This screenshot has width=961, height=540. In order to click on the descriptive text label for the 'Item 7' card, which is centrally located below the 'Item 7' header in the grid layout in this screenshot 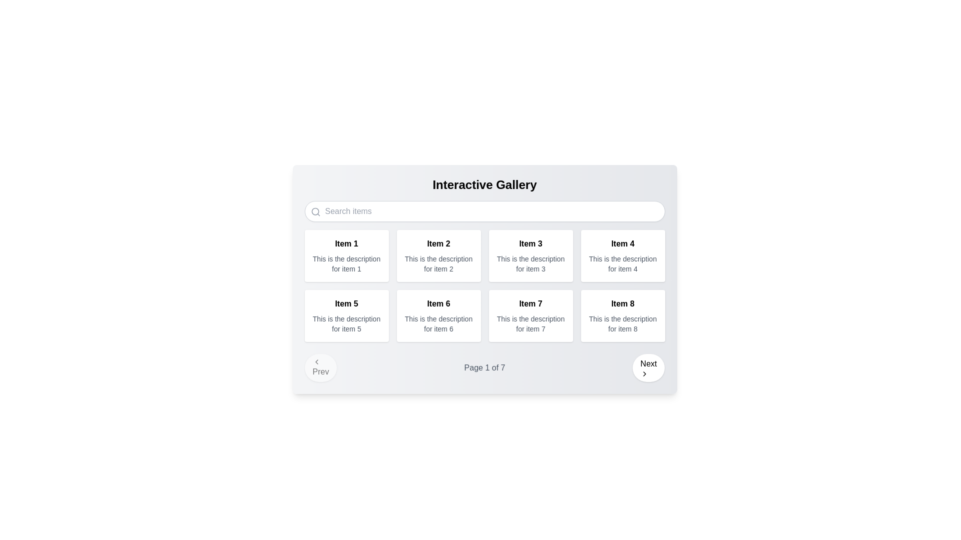, I will do `click(530, 324)`.